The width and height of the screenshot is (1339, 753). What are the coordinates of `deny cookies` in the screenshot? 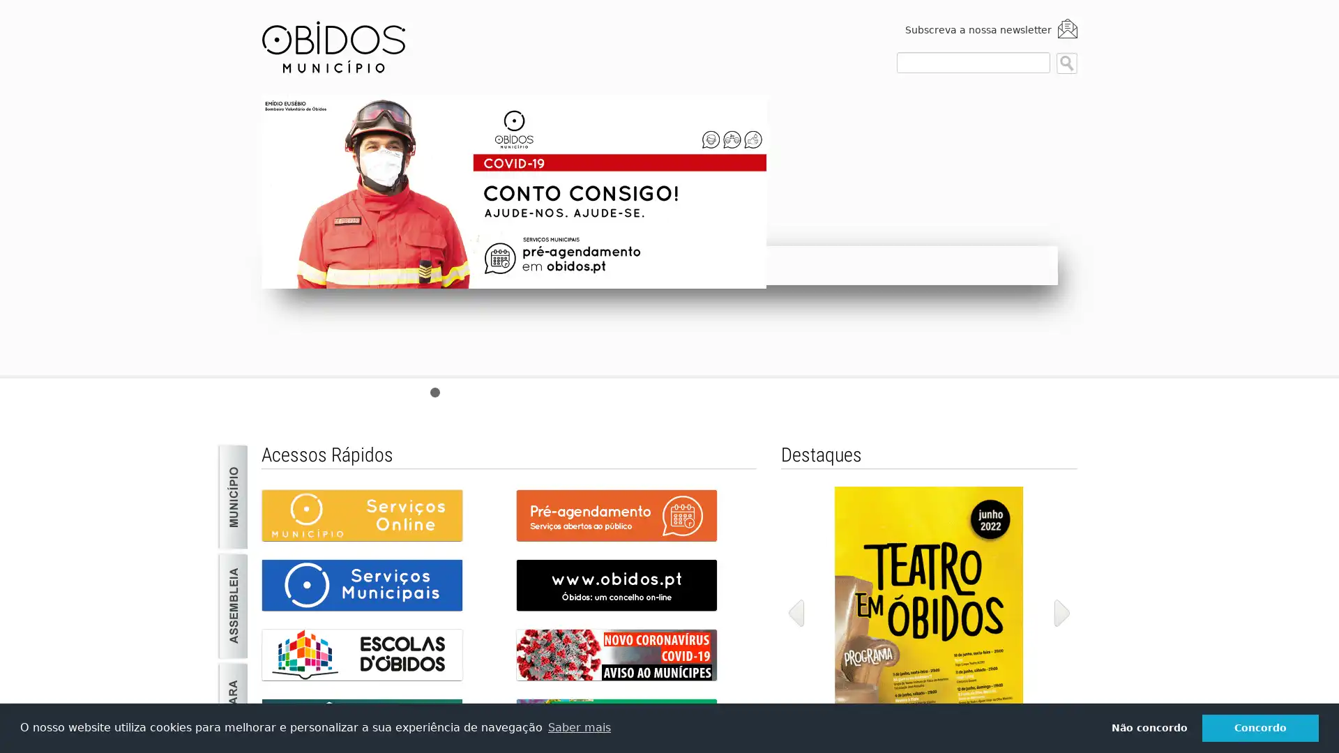 It's located at (1149, 727).